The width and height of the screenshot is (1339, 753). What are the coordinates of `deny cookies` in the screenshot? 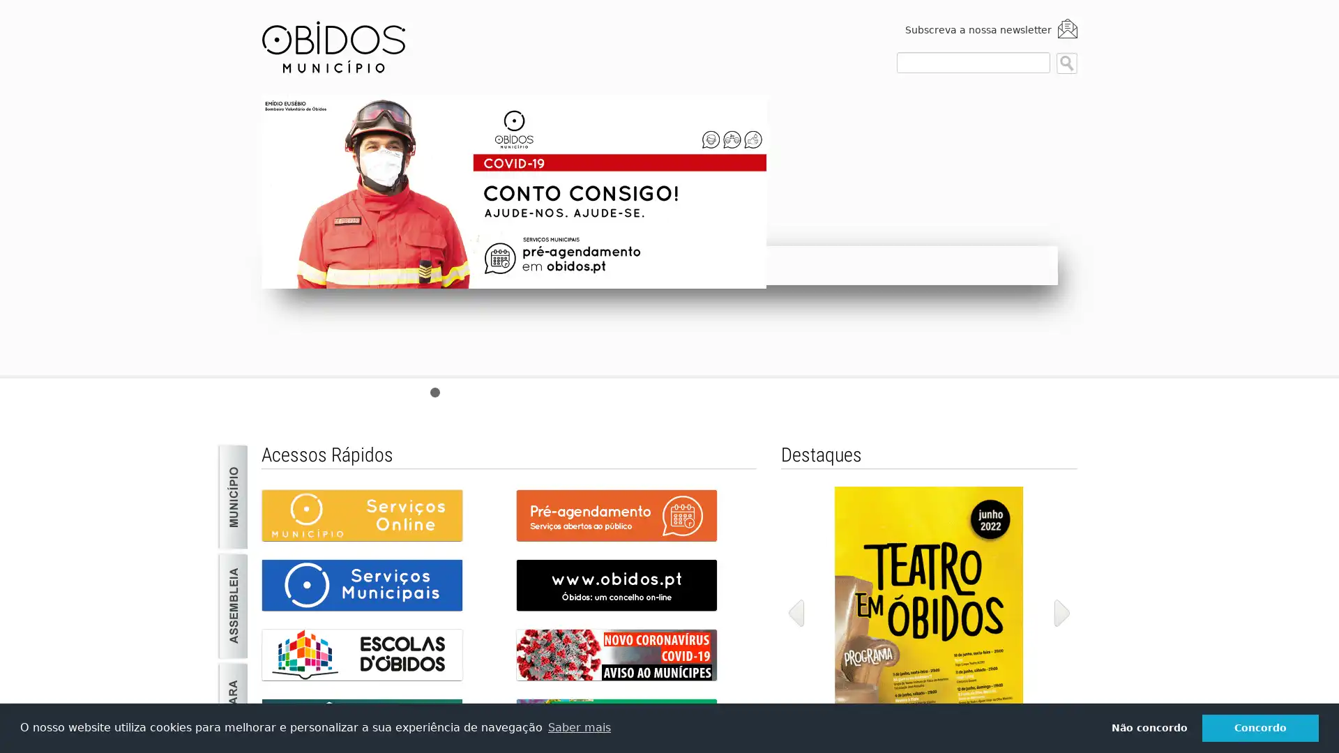 It's located at (1149, 727).